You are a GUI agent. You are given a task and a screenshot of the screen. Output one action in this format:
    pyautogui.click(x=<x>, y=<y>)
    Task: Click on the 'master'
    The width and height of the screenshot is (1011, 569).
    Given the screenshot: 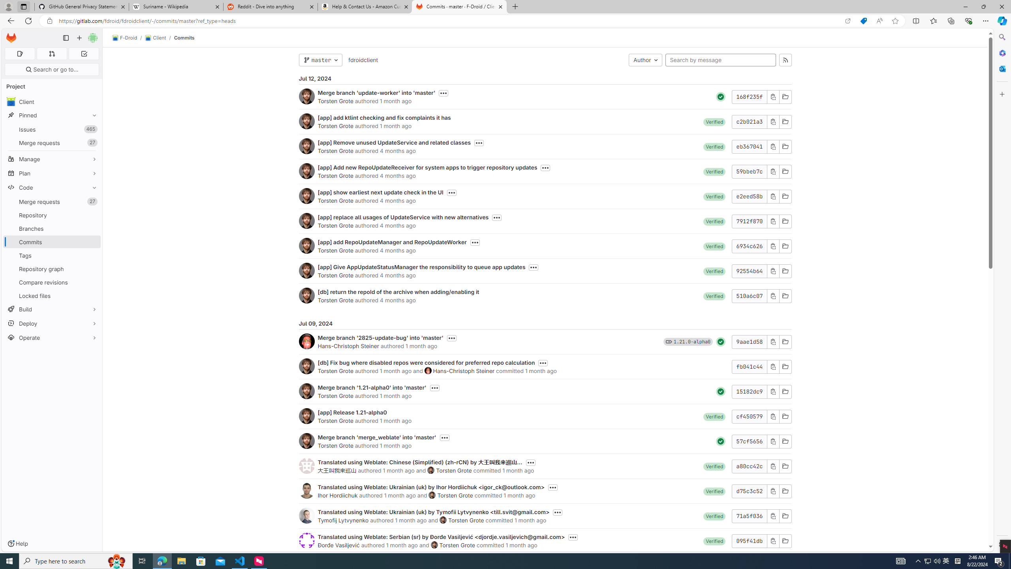 What is the action you would take?
    pyautogui.click(x=320, y=59)
    